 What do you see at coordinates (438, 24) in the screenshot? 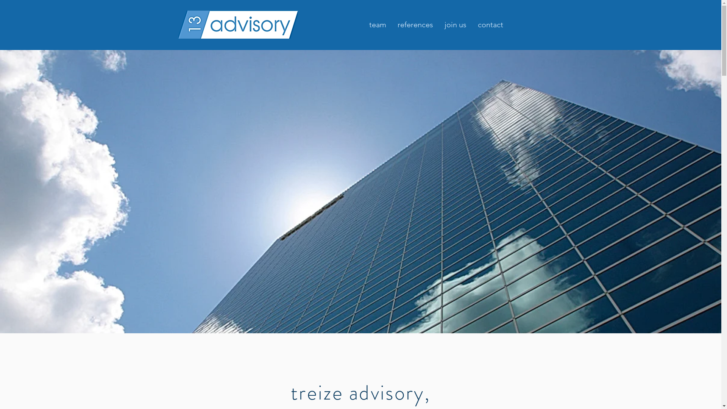
I see `'join us'` at bounding box center [438, 24].